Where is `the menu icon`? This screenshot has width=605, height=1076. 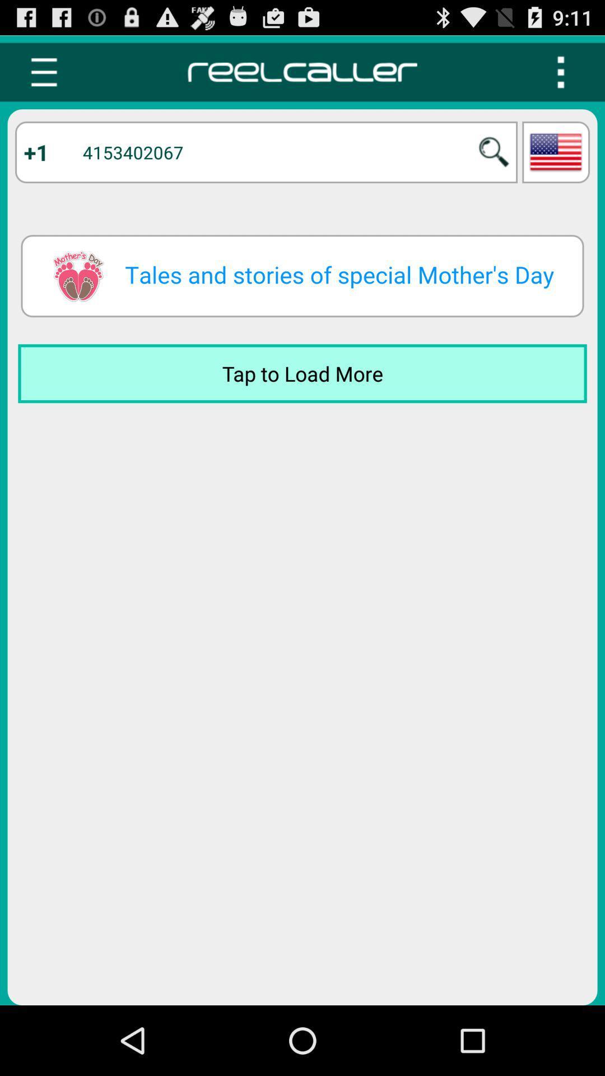 the menu icon is located at coordinates (43, 77).